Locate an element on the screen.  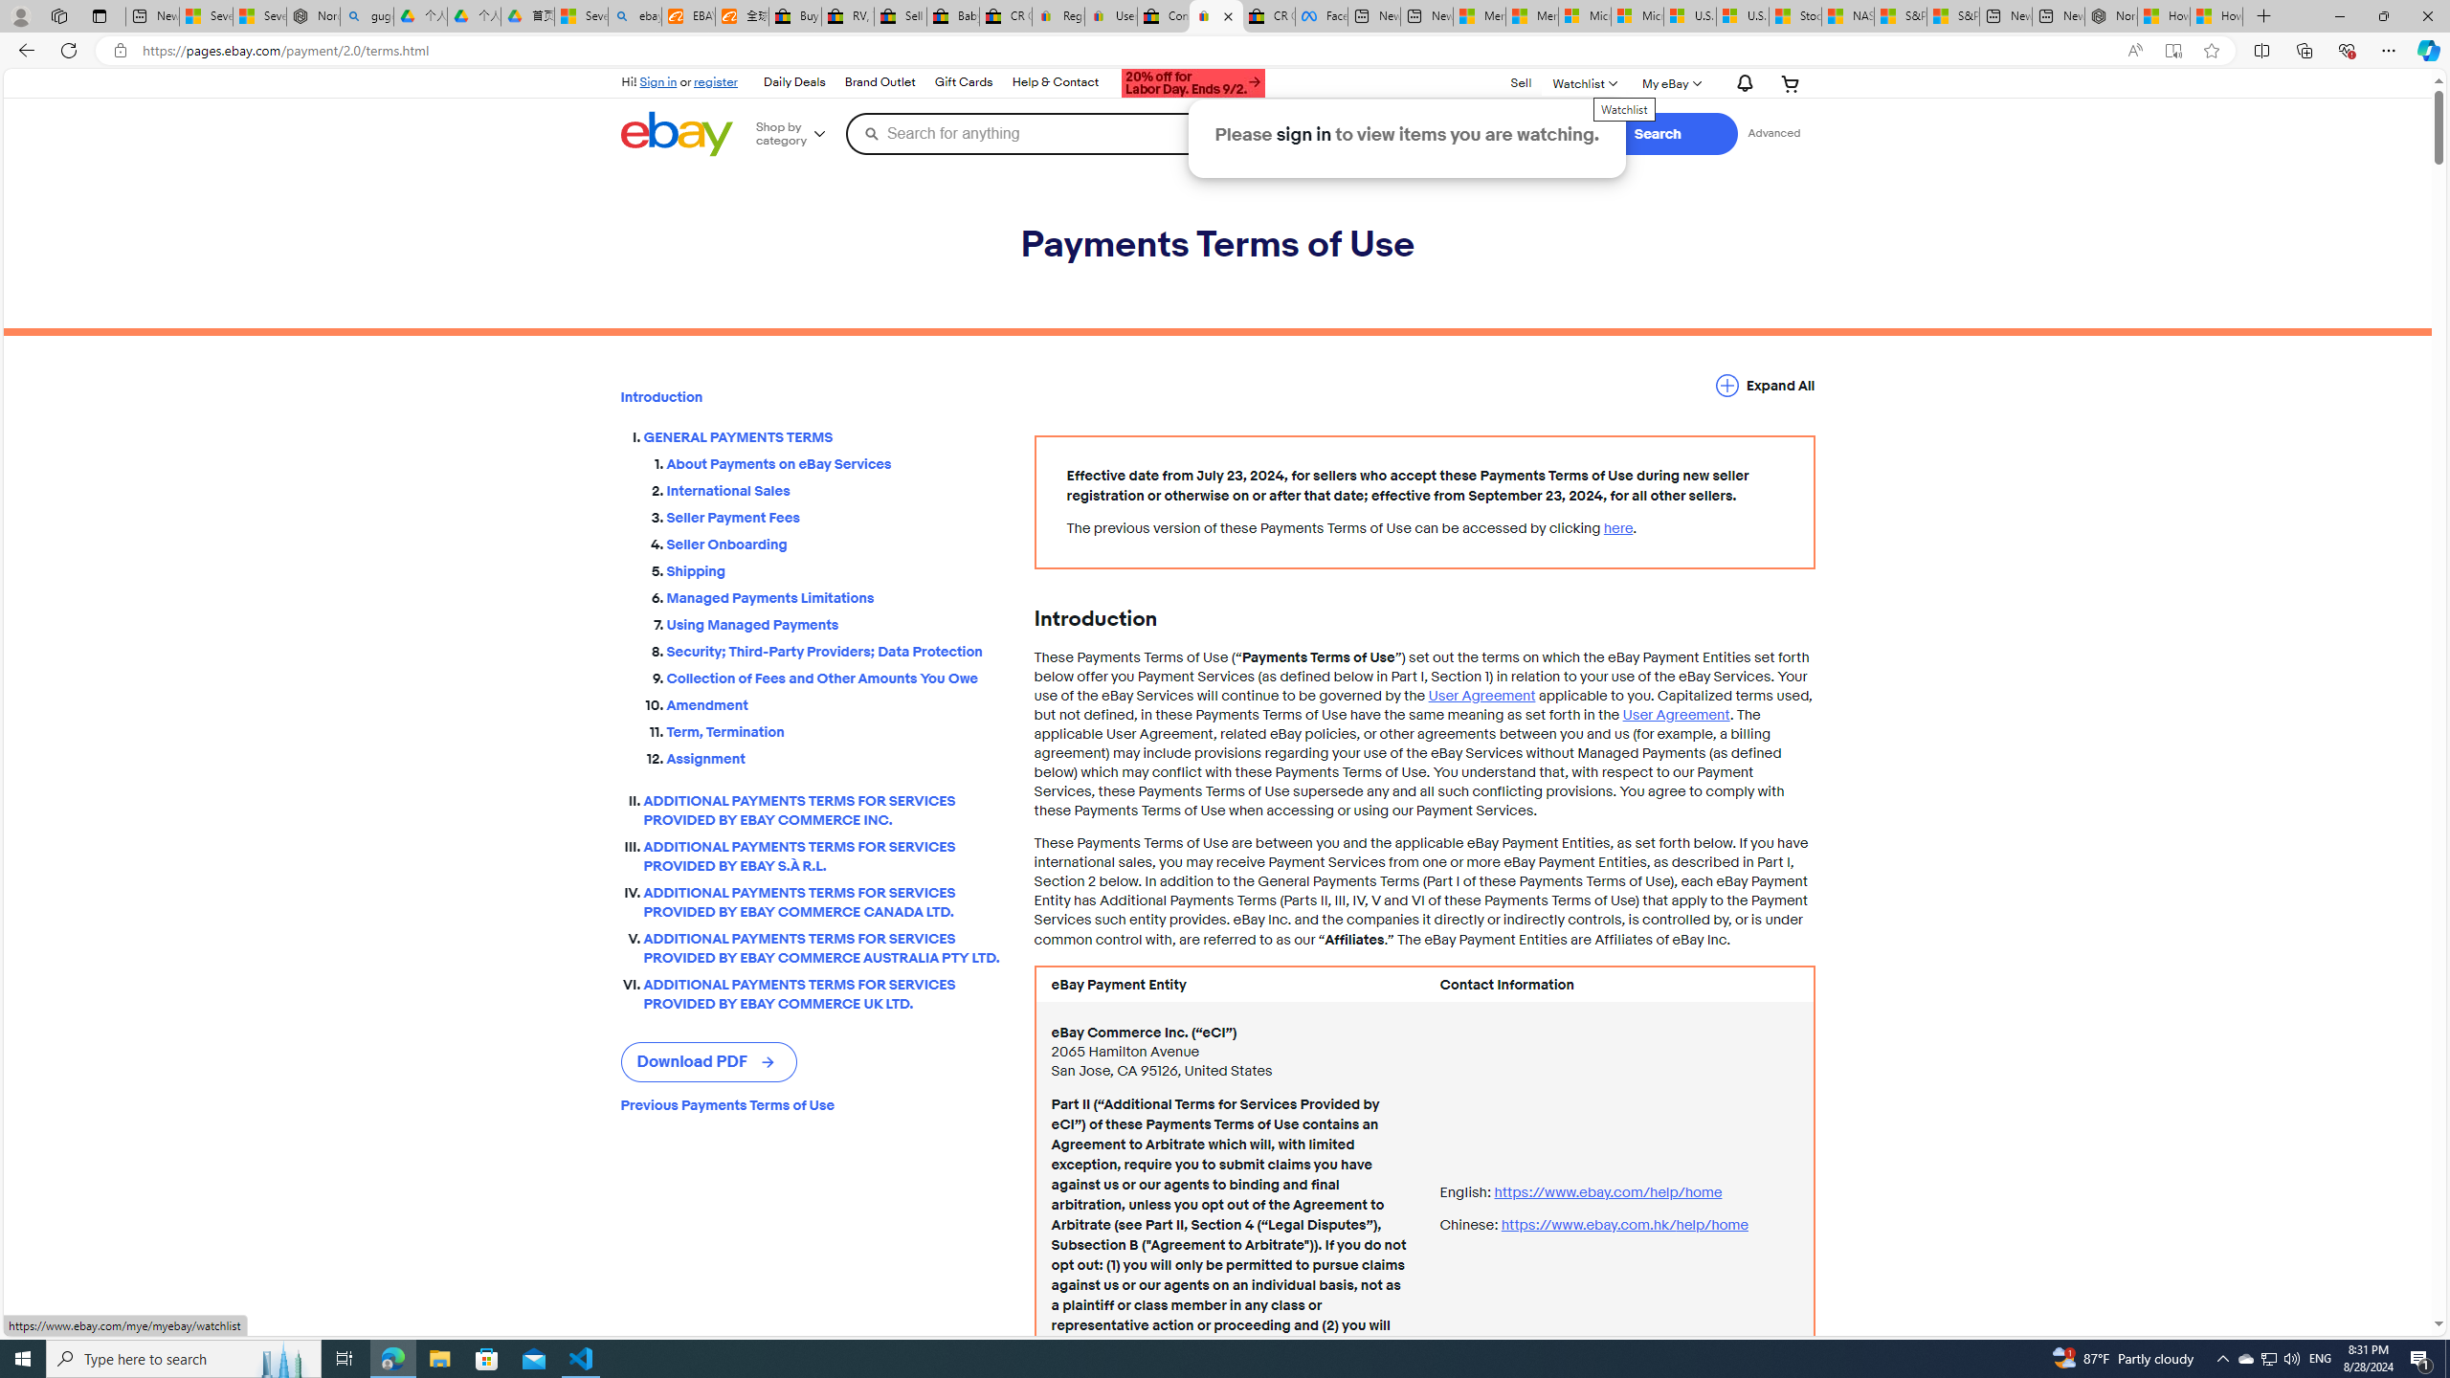
'ebay - Search' is located at coordinates (635, 15).